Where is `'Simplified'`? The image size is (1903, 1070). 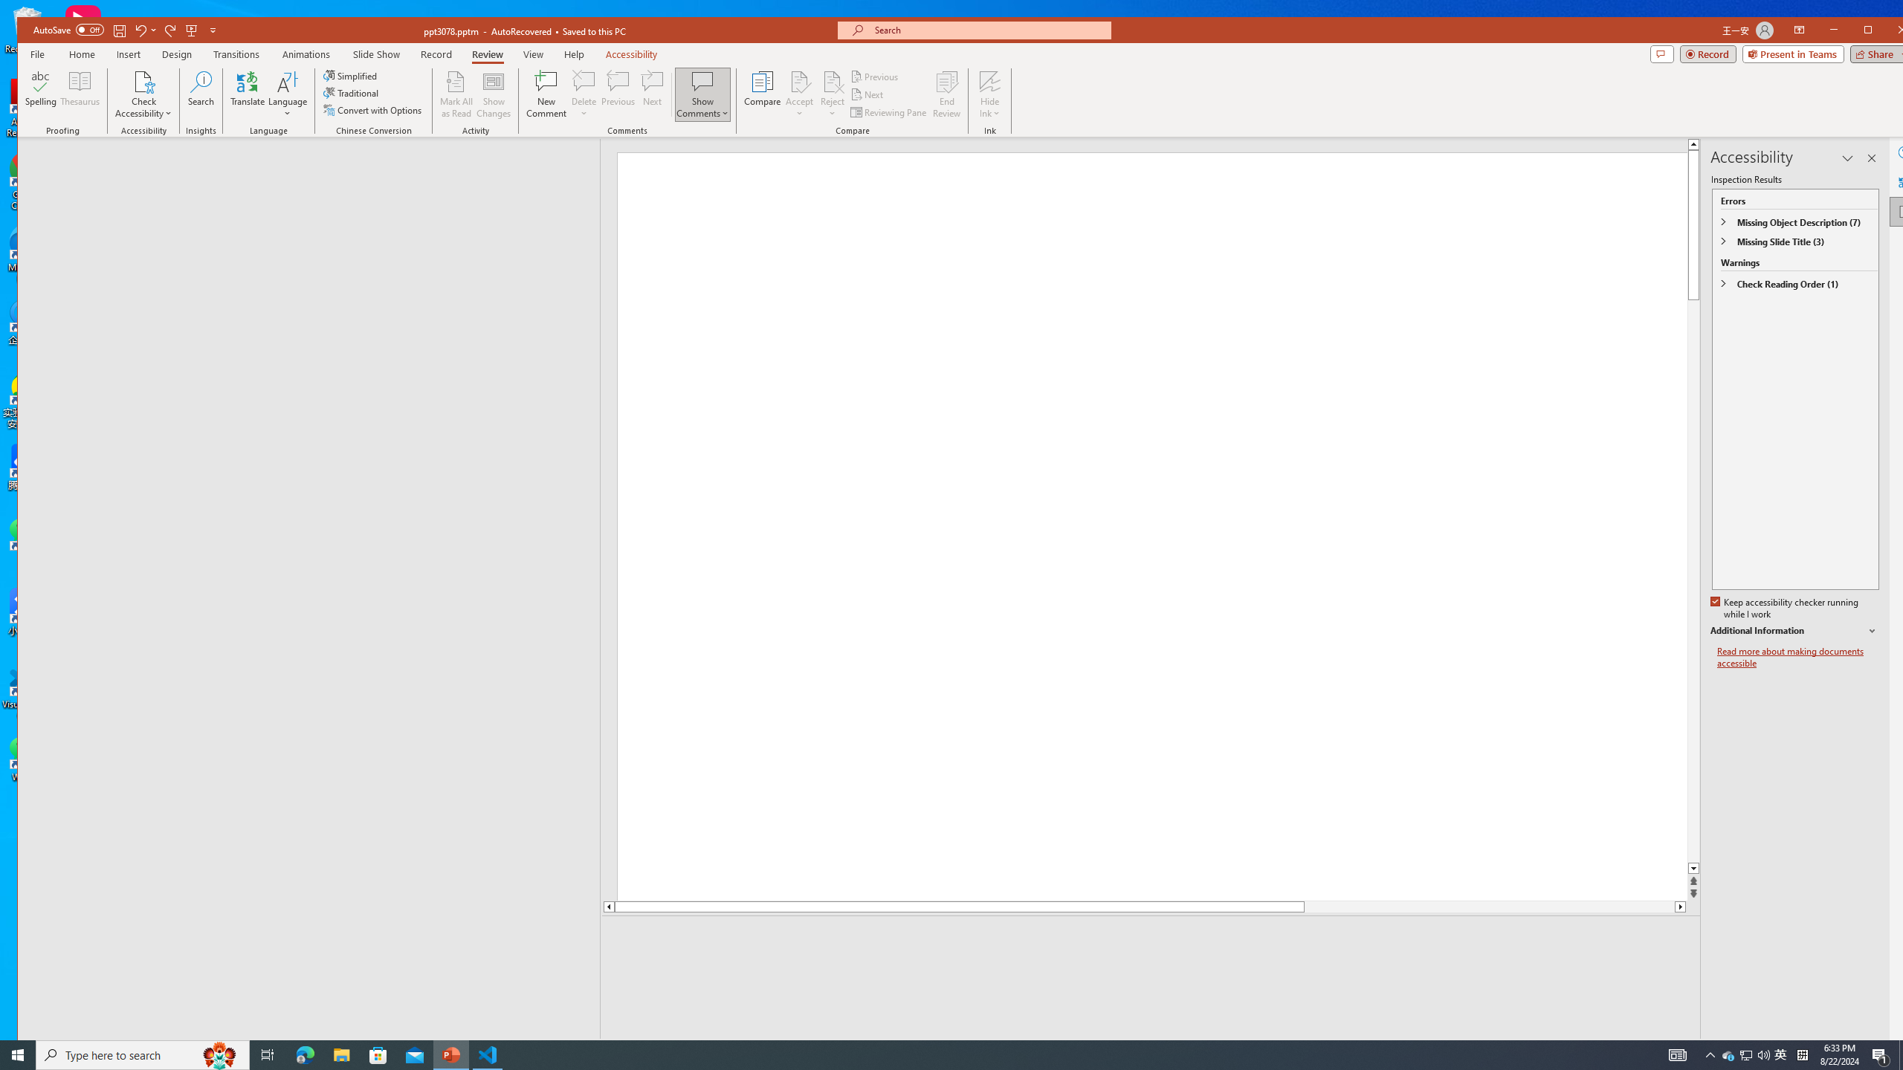 'Simplified' is located at coordinates (351, 76).